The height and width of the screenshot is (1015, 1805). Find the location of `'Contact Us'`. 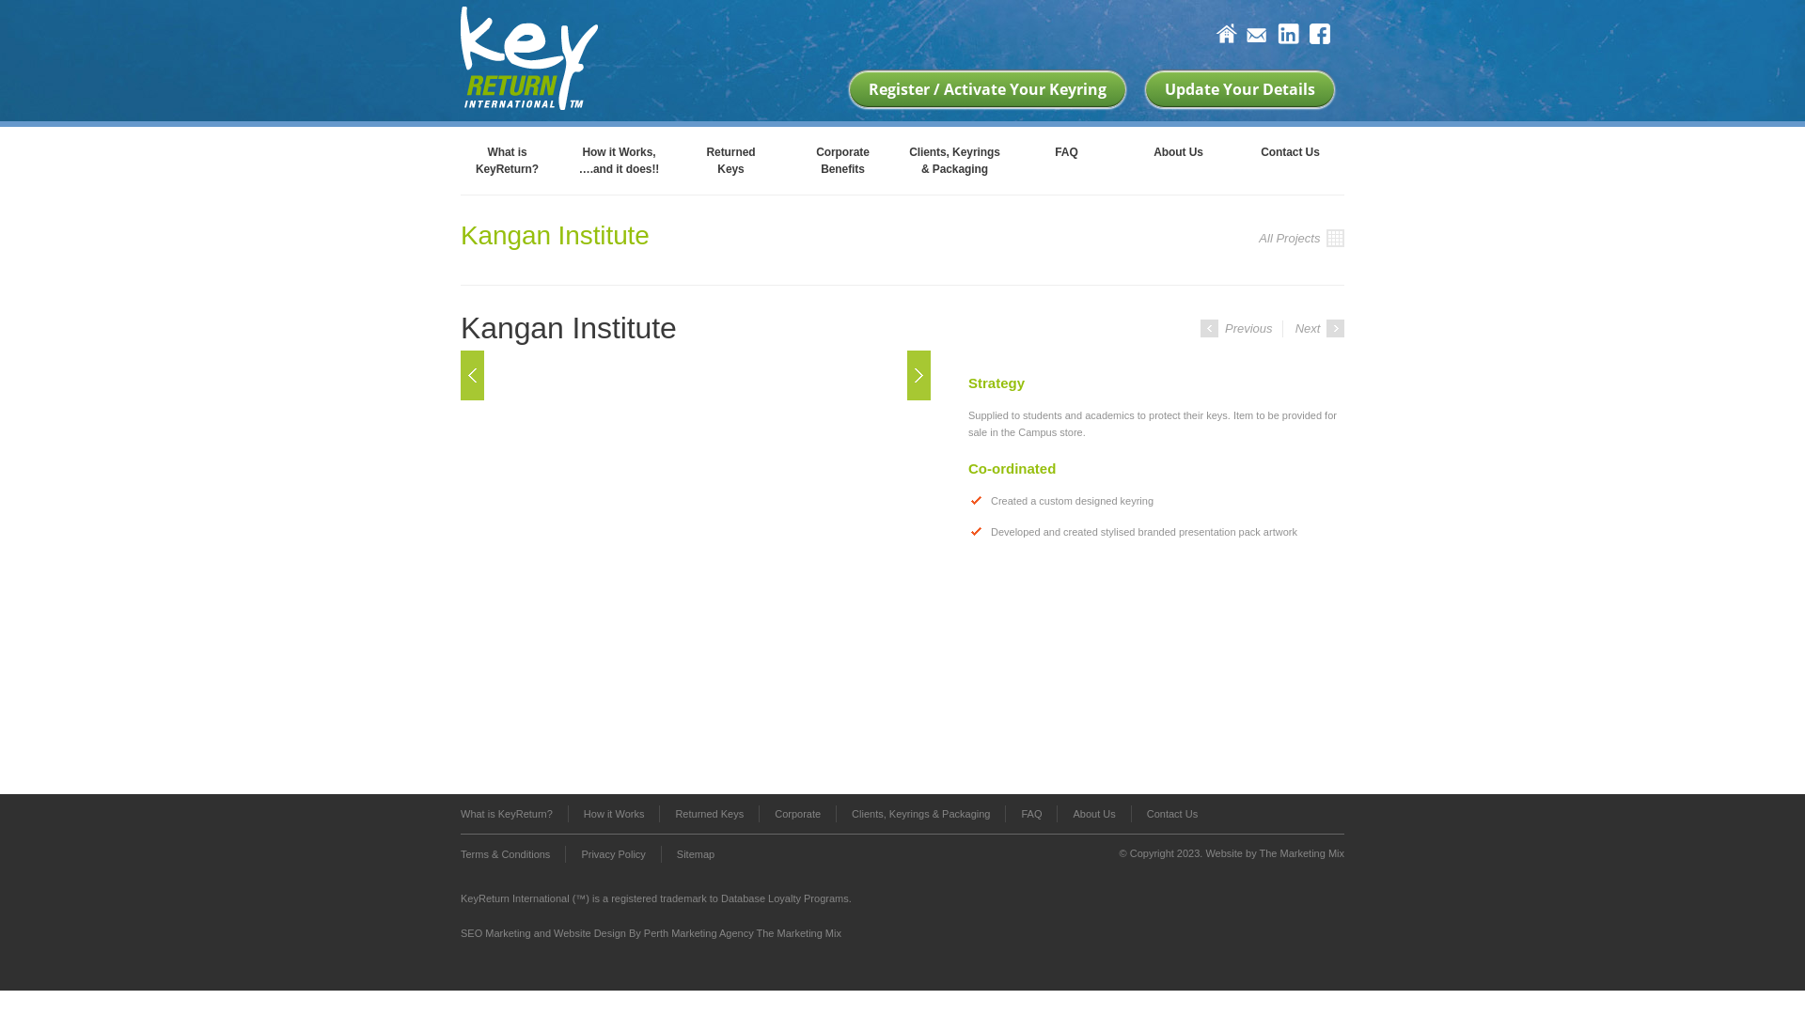

'Contact Us' is located at coordinates (1163, 813).